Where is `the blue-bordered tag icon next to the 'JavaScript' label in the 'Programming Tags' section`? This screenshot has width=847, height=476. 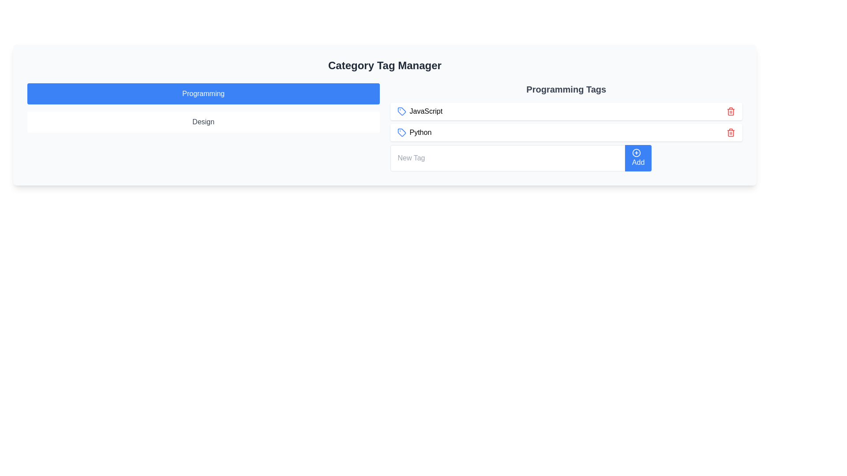 the blue-bordered tag icon next to the 'JavaScript' label in the 'Programming Tags' section is located at coordinates (401, 111).